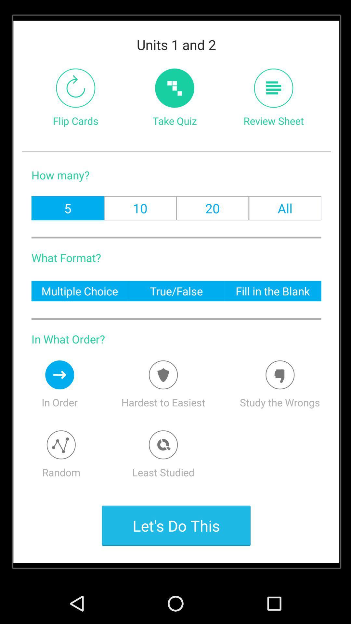 This screenshot has height=624, width=351. Describe the element at coordinates (163, 444) in the screenshot. I see `order by least studied` at that location.